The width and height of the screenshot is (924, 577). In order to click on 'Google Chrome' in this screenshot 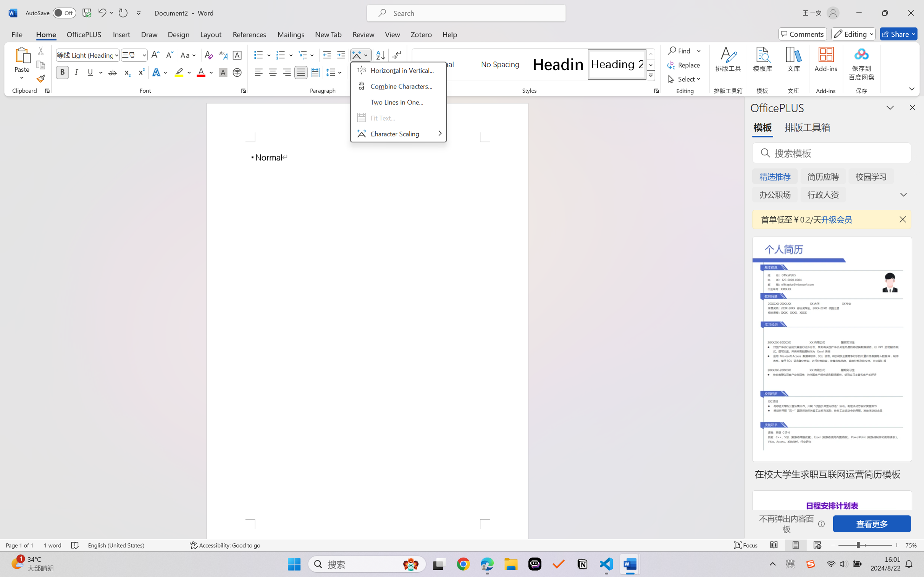, I will do `click(463, 564)`.